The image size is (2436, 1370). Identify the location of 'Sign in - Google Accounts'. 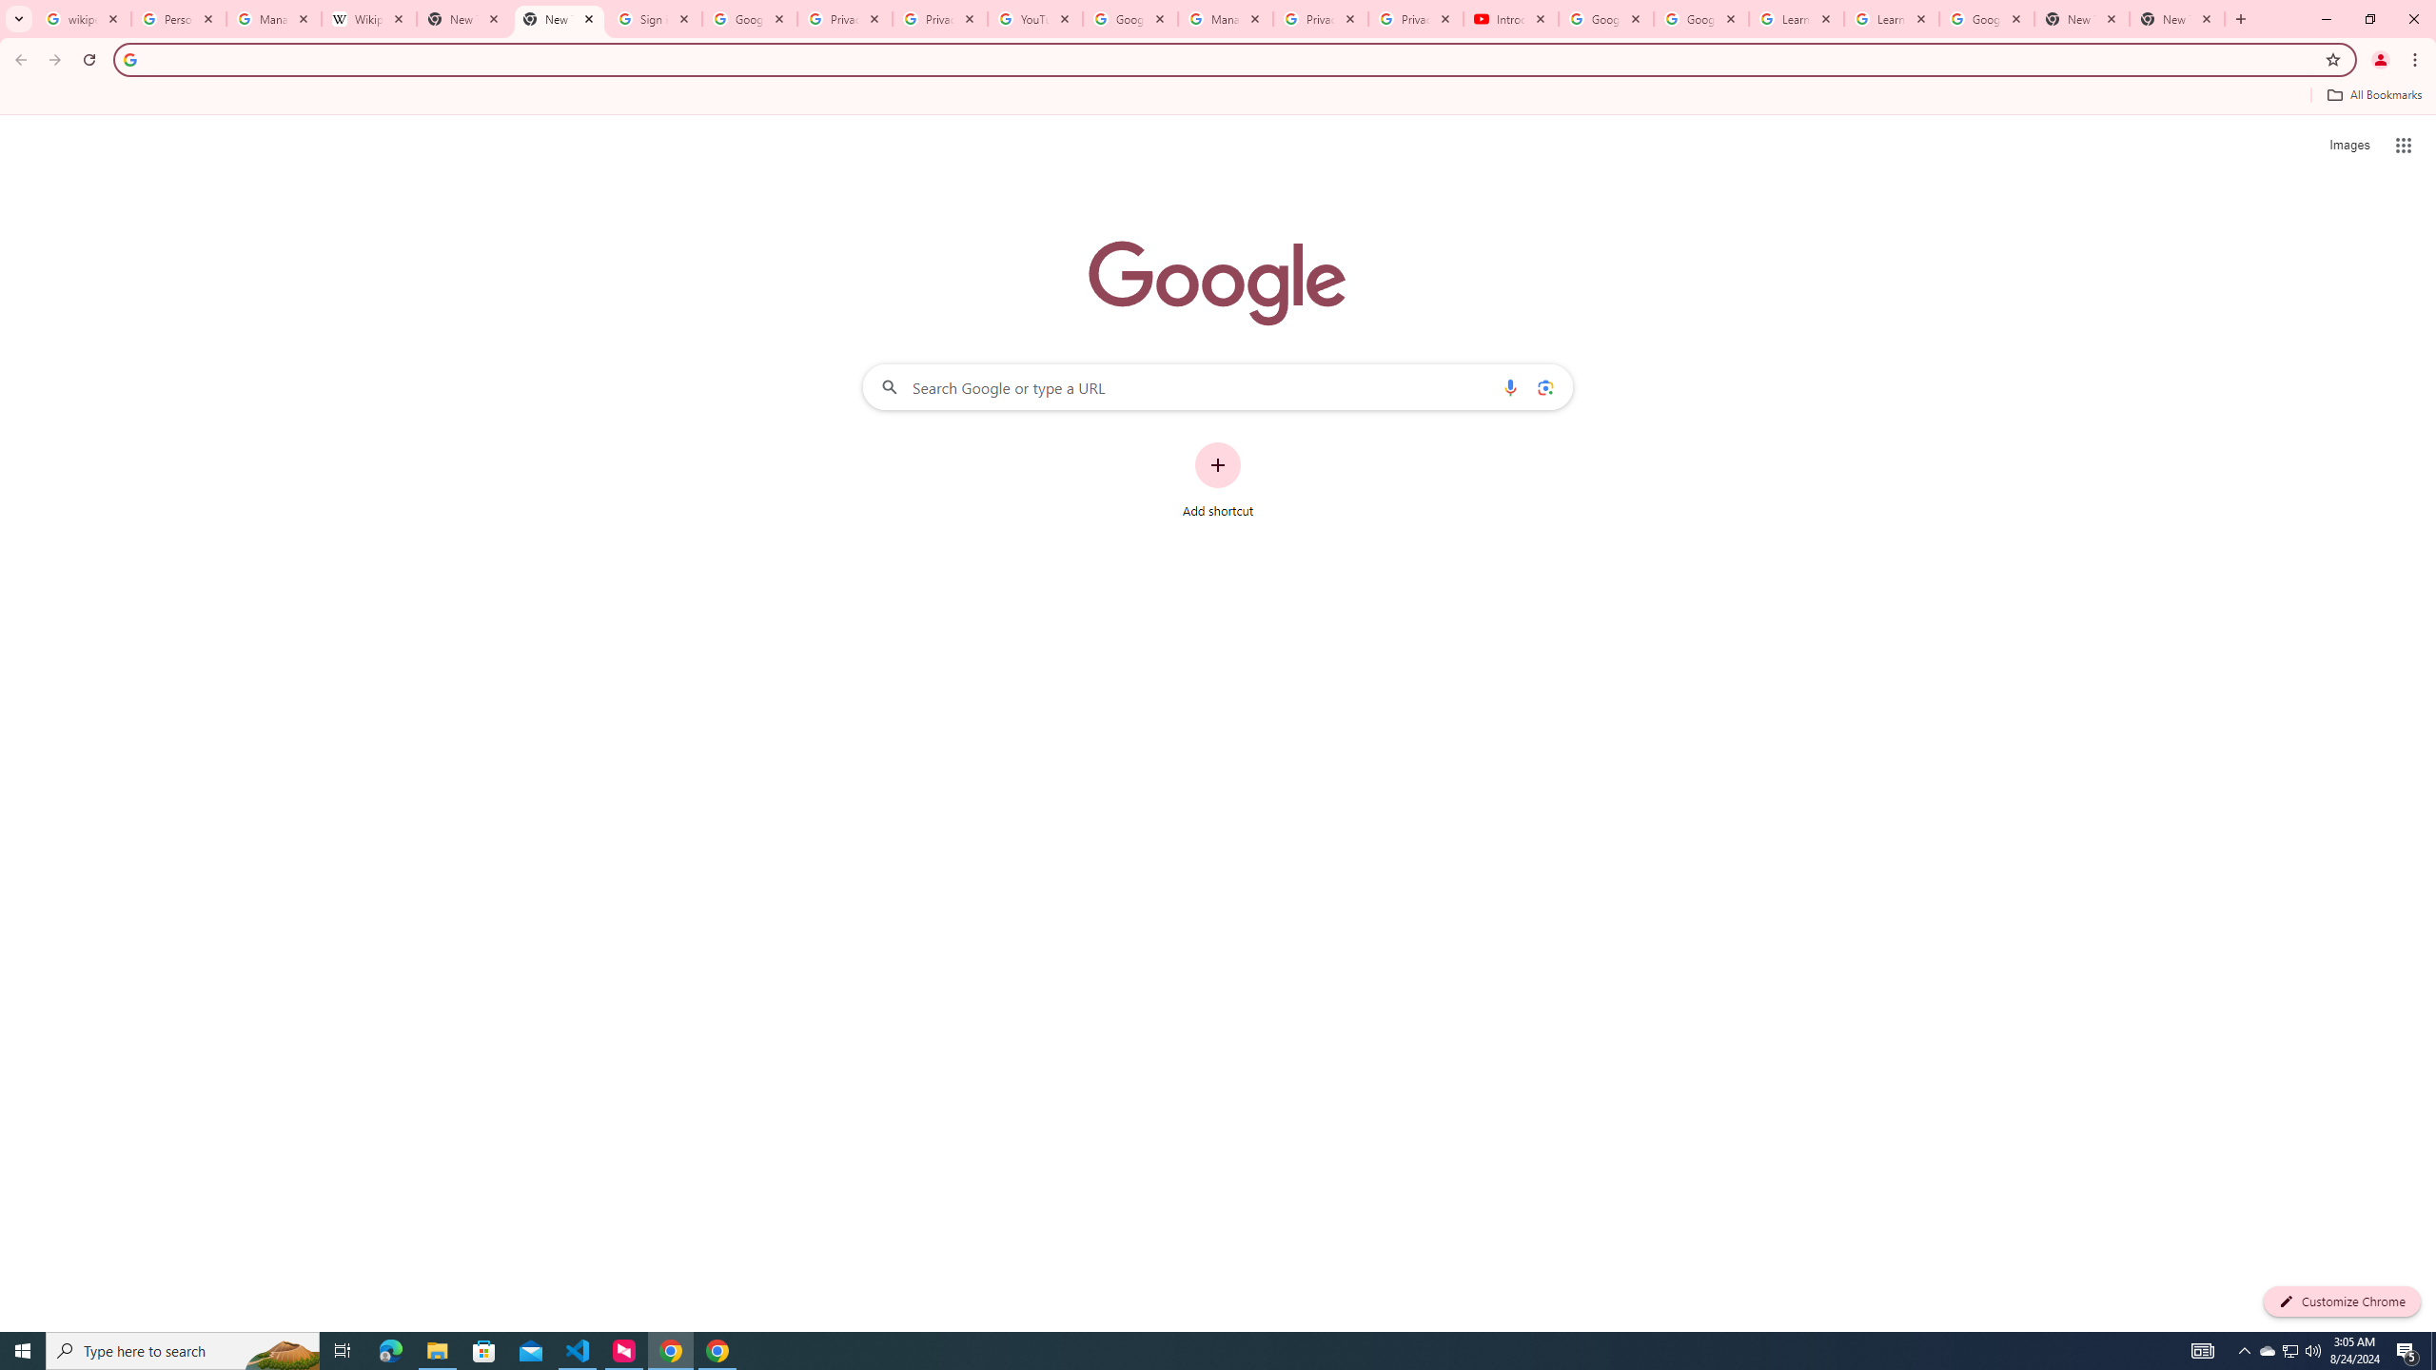
(655, 18).